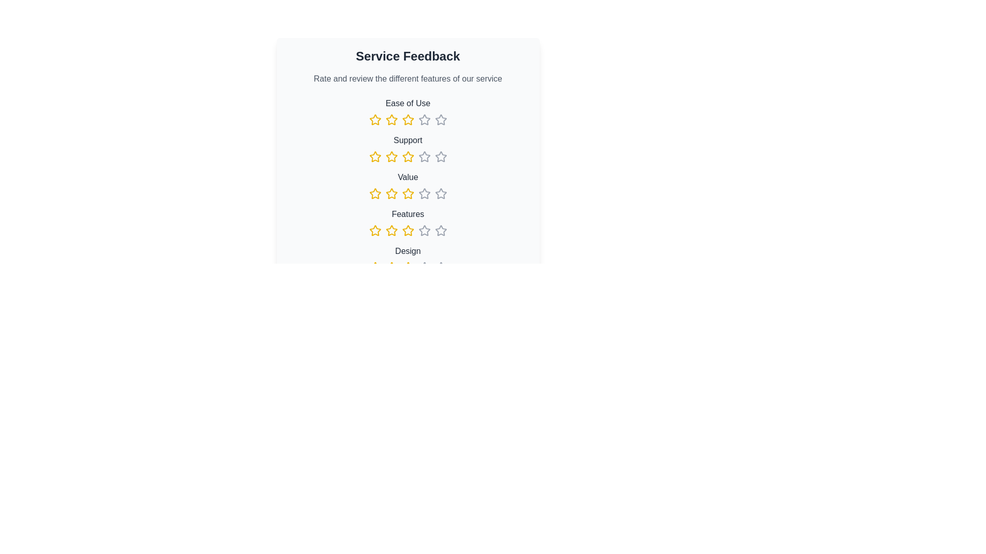 The width and height of the screenshot is (986, 554). Describe the element at coordinates (407, 222) in the screenshot. I see `one of the star icons in the Rating component labeled 'Features'` at that location.